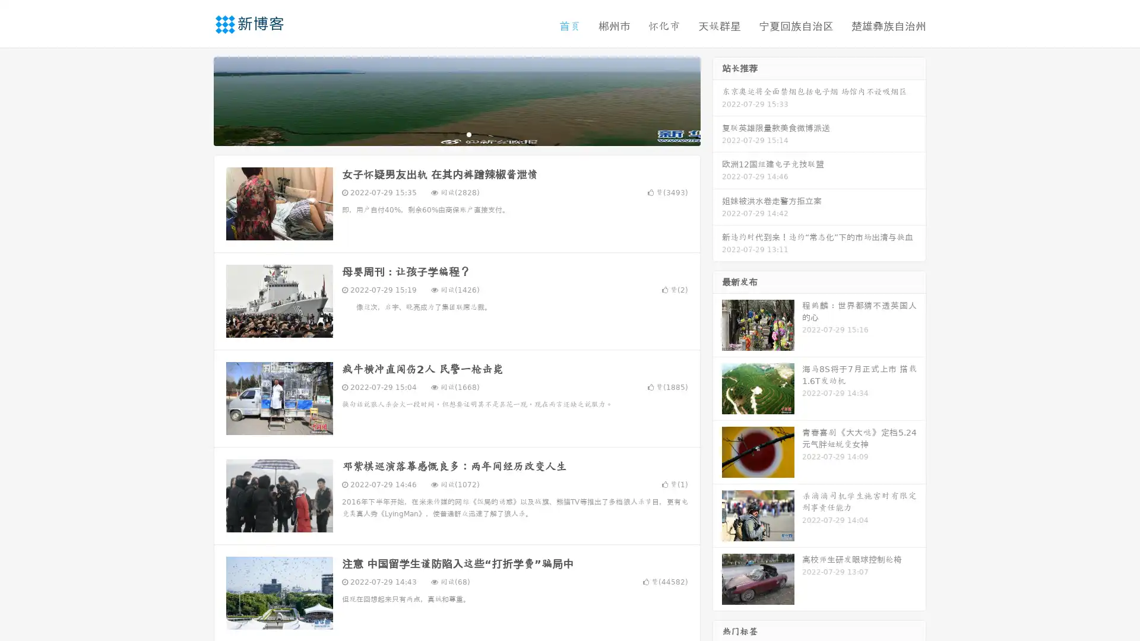 The image size is (1140, 641). I want to click on Previous slide, so click(196, 100).